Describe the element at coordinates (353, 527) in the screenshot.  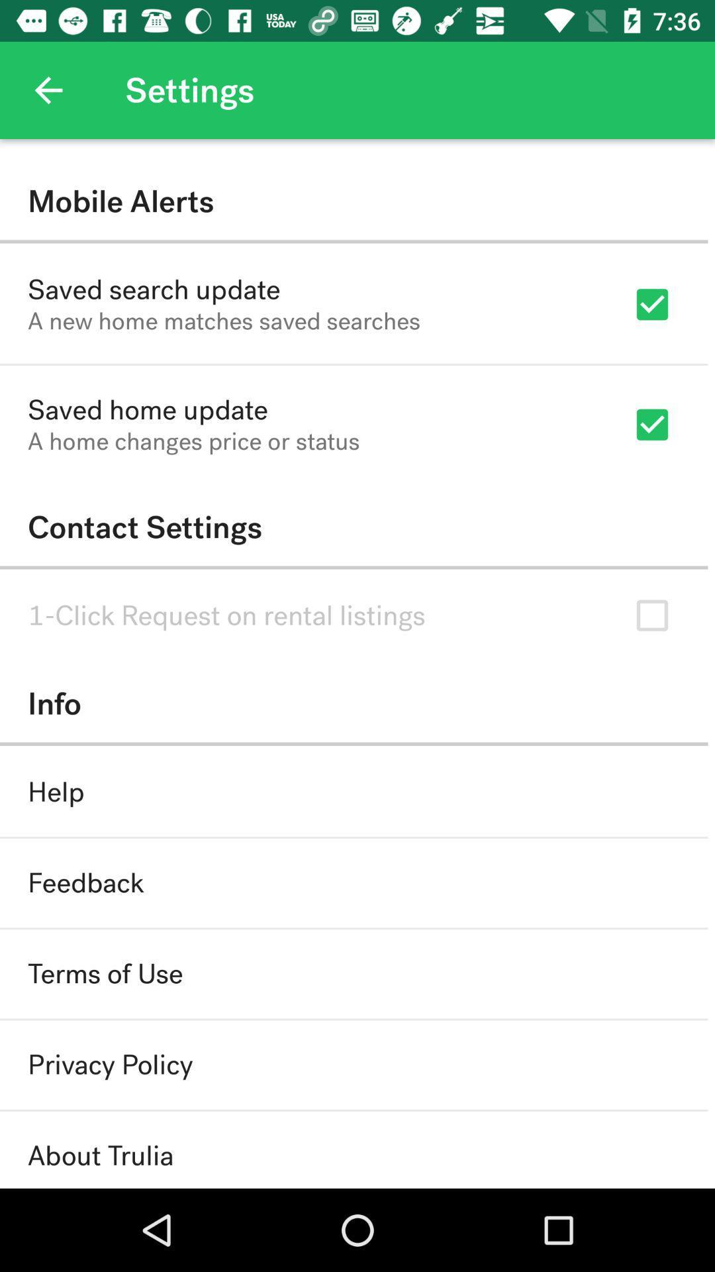
I see `item below the a home changes icon` at that location.